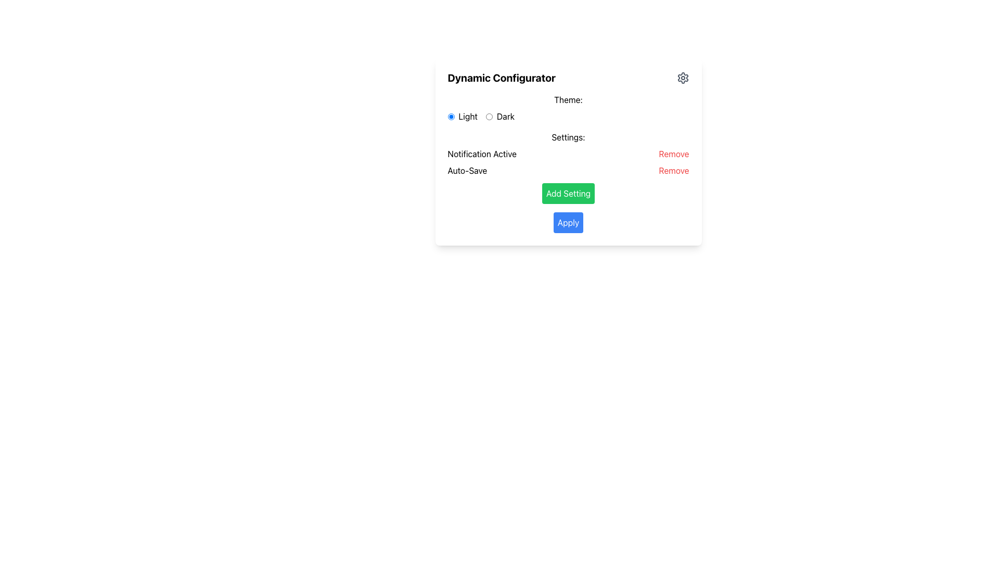  What do you see at coordinates (568, 162) in the screenshot?
I see `the red 'Remove' link in the first row of the structured list item located below the 'Settings:' label in the 'Dynamic Configurator' section` at bounding box center [568, 162].